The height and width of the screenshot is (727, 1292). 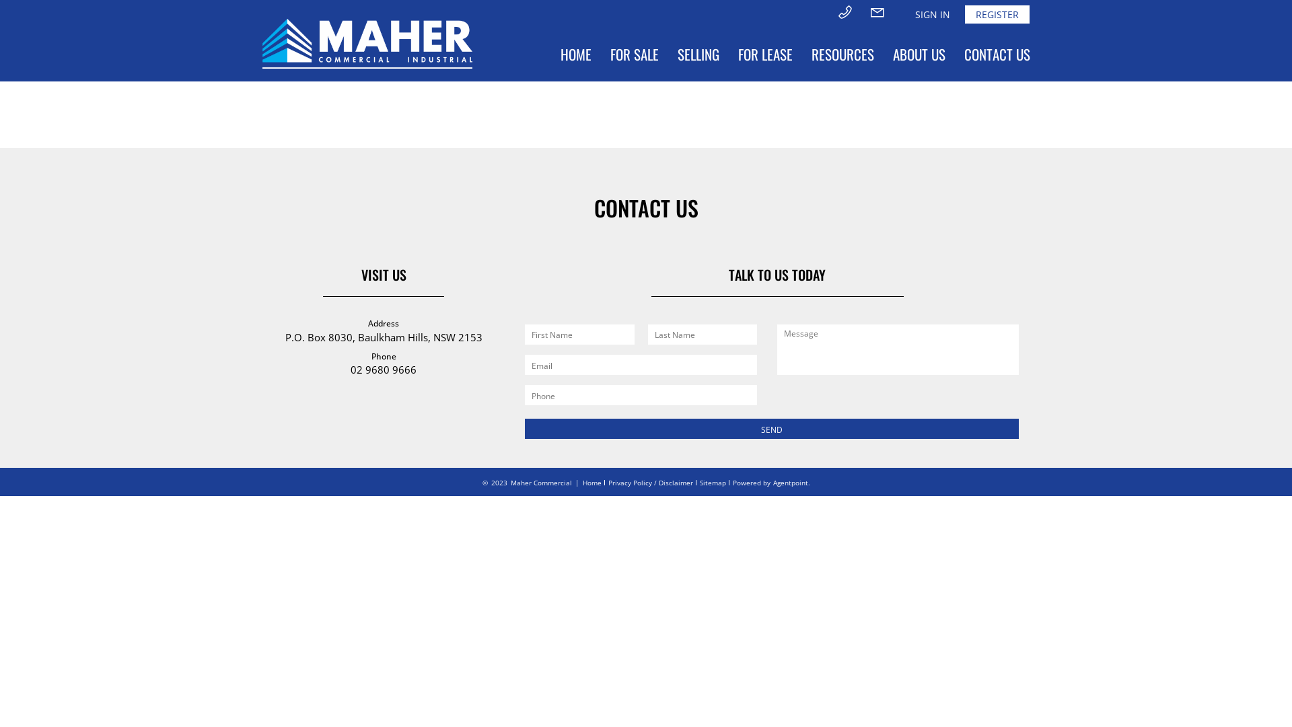 I want to click on 'ABOUT US', so click(x=884, y=54).